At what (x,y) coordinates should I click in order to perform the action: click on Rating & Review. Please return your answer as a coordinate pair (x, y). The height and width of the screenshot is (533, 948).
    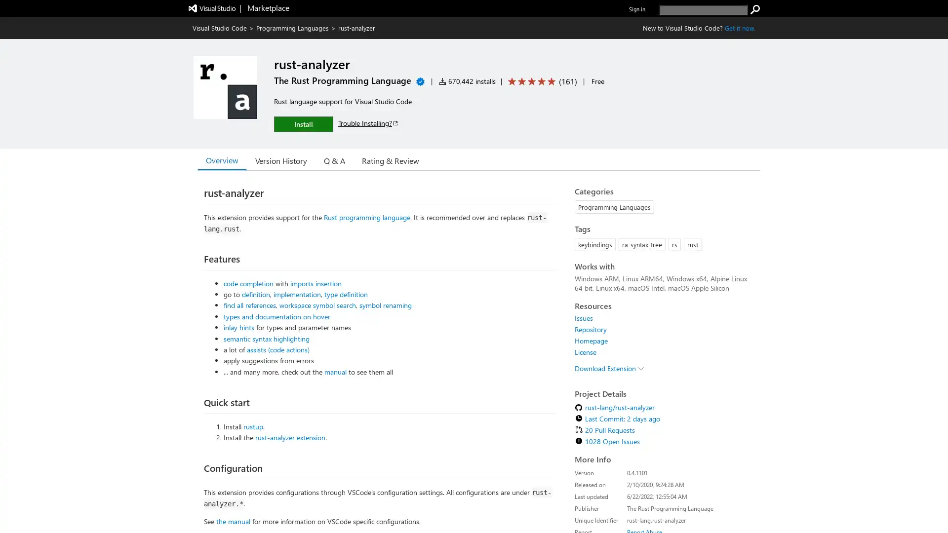
    Looking at the image, I should click on (390, 159).